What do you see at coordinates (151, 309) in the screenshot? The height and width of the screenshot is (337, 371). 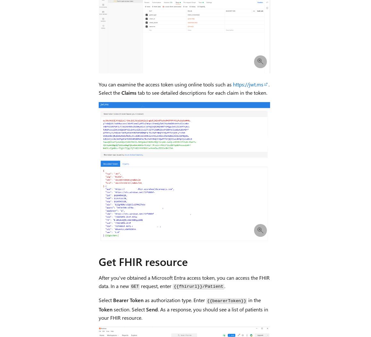 I see `'Send'` at bounding box center [151, 309].